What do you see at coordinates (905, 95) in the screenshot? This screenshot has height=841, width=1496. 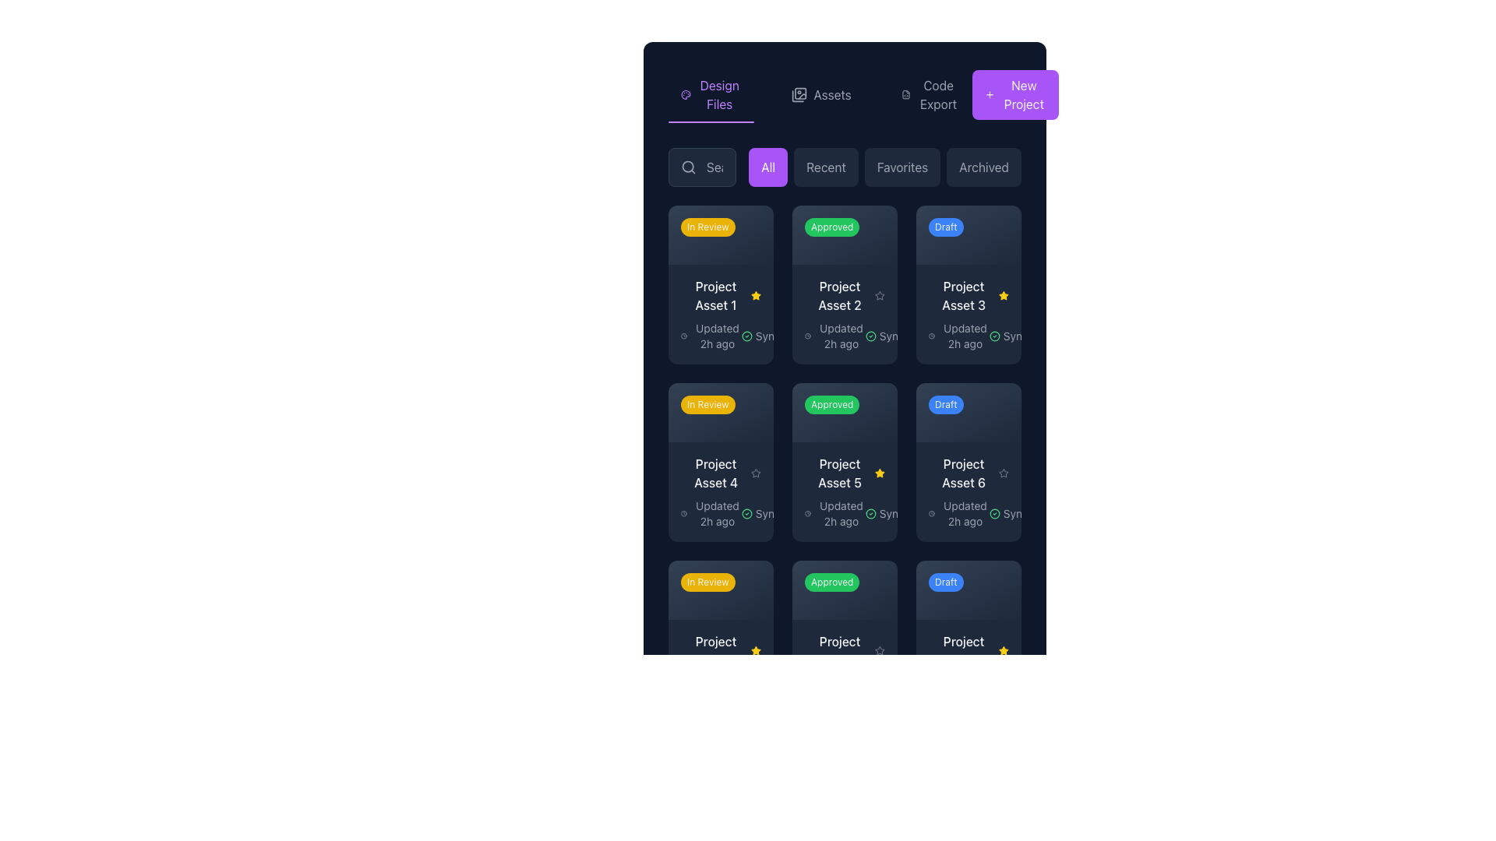 I see `the 'Code Export' icon located in the top navigation bar, which is identifiable by its textual label and positioned between the 'Assets' and 'New Project' items` at bounding box center [905, 95].